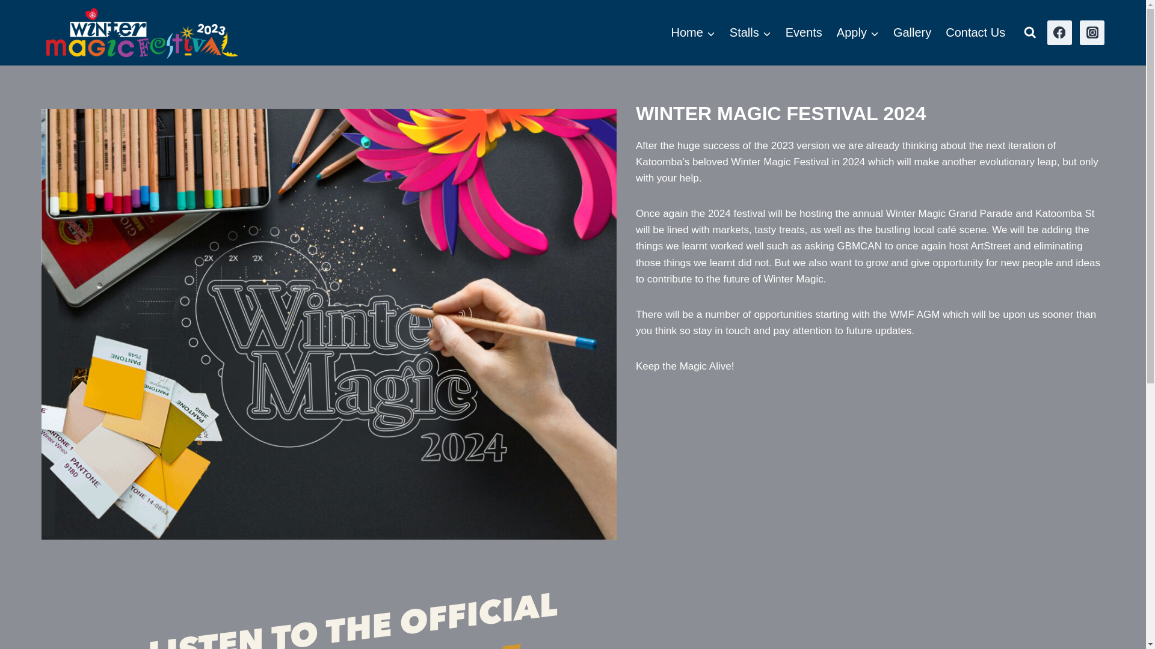  What do you see at coordinates (692, 32) in the screenshot?
I see `'Home'` at bounding box center [692, 32].